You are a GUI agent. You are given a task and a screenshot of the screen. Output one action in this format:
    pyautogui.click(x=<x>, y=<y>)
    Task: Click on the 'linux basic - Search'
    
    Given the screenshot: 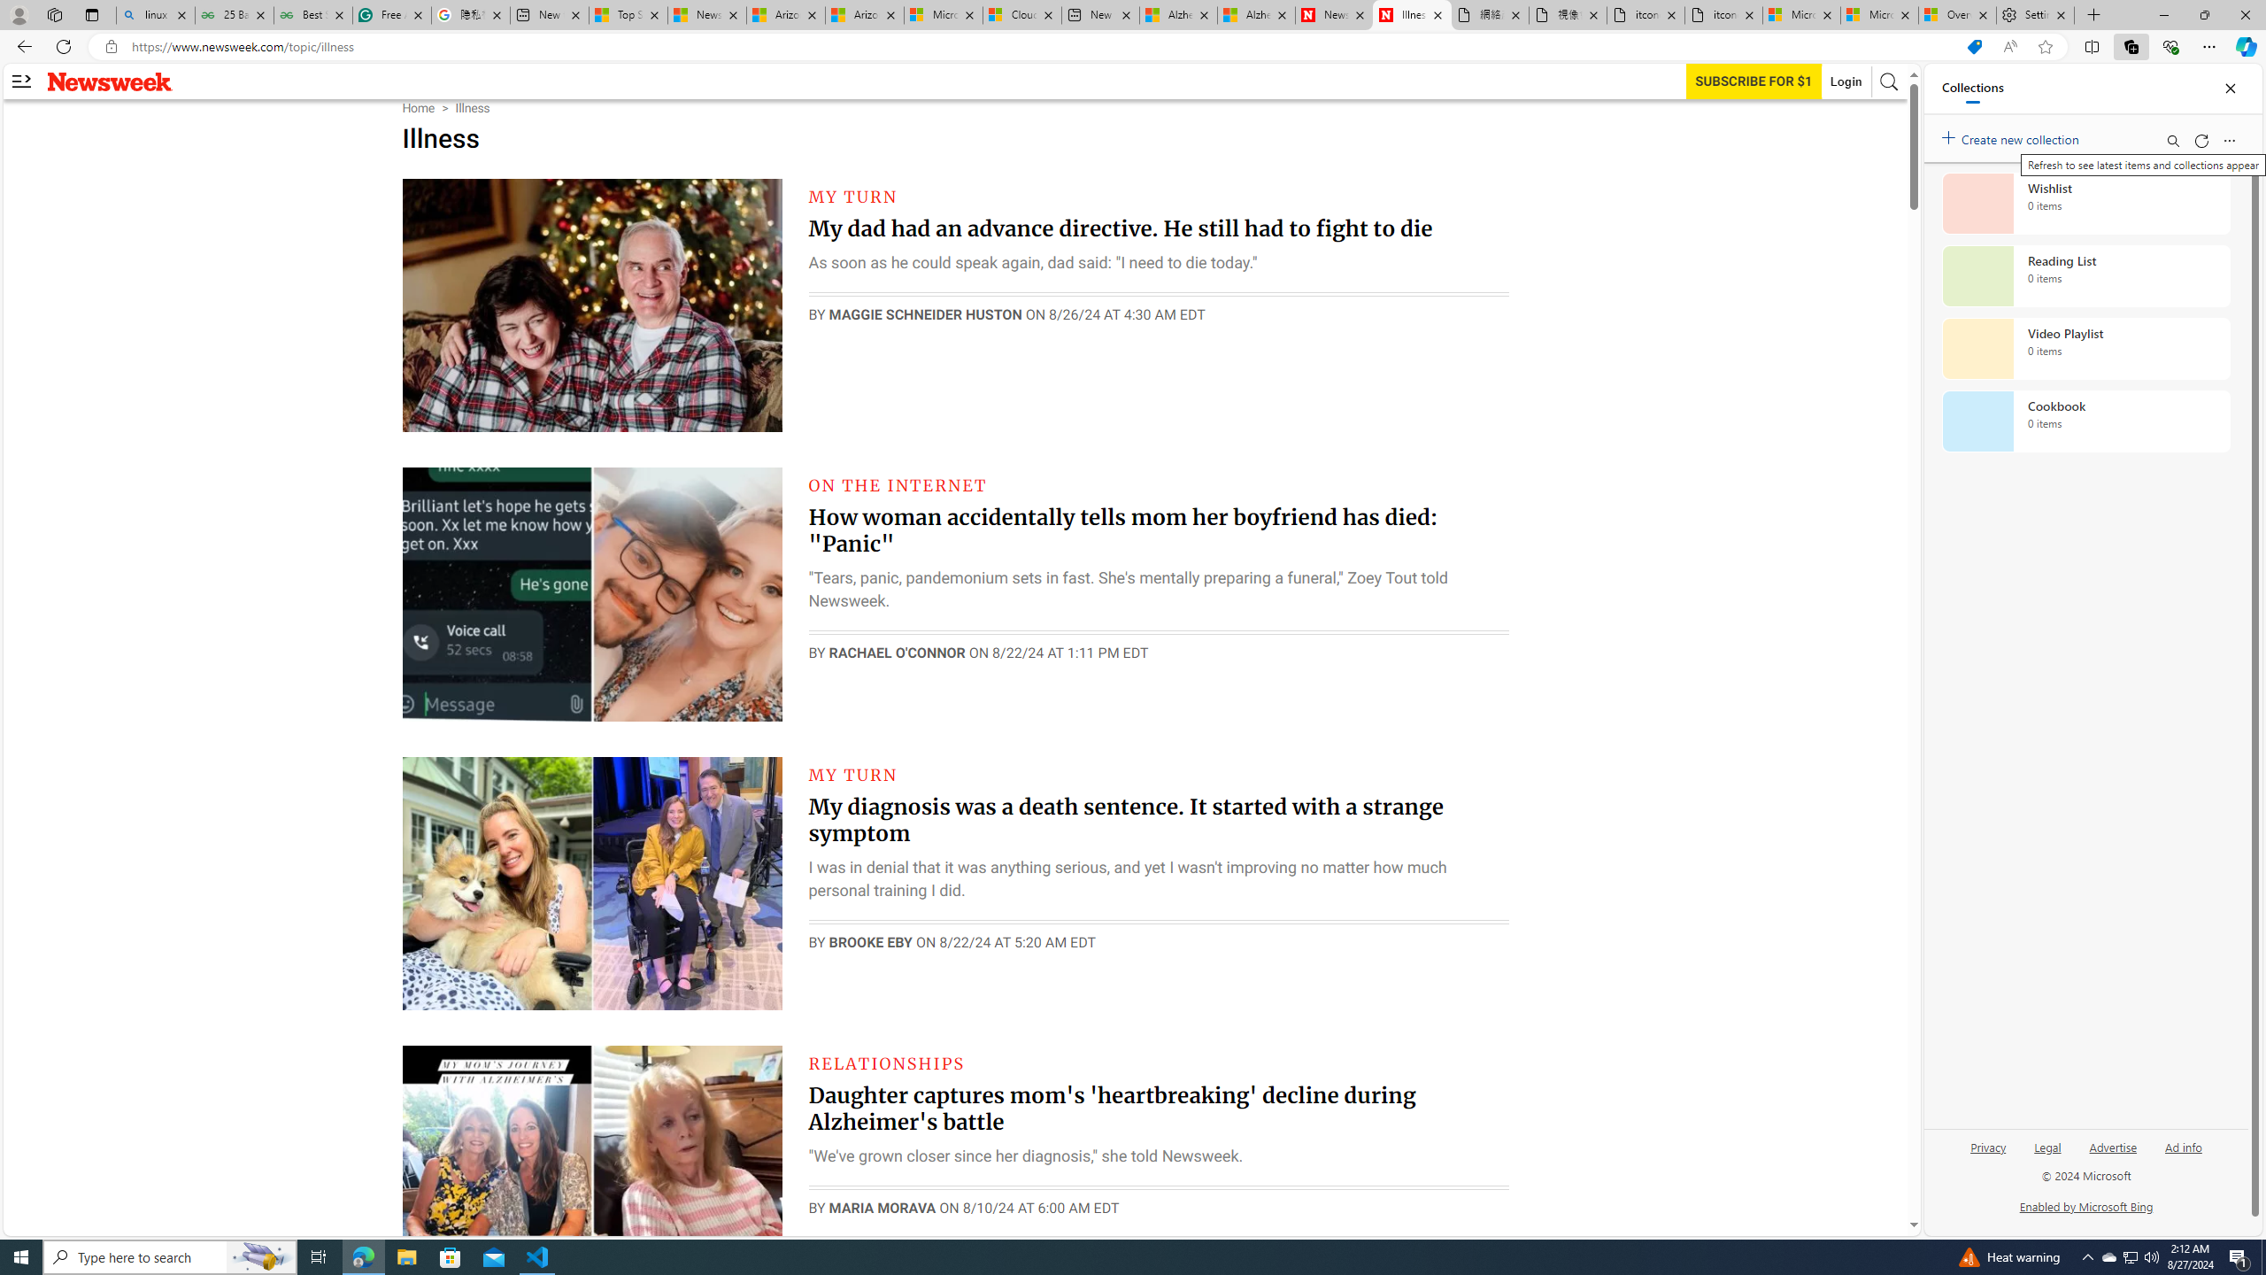 What is the action you would take?
    pyautogui.click(x=155, y=14)
    